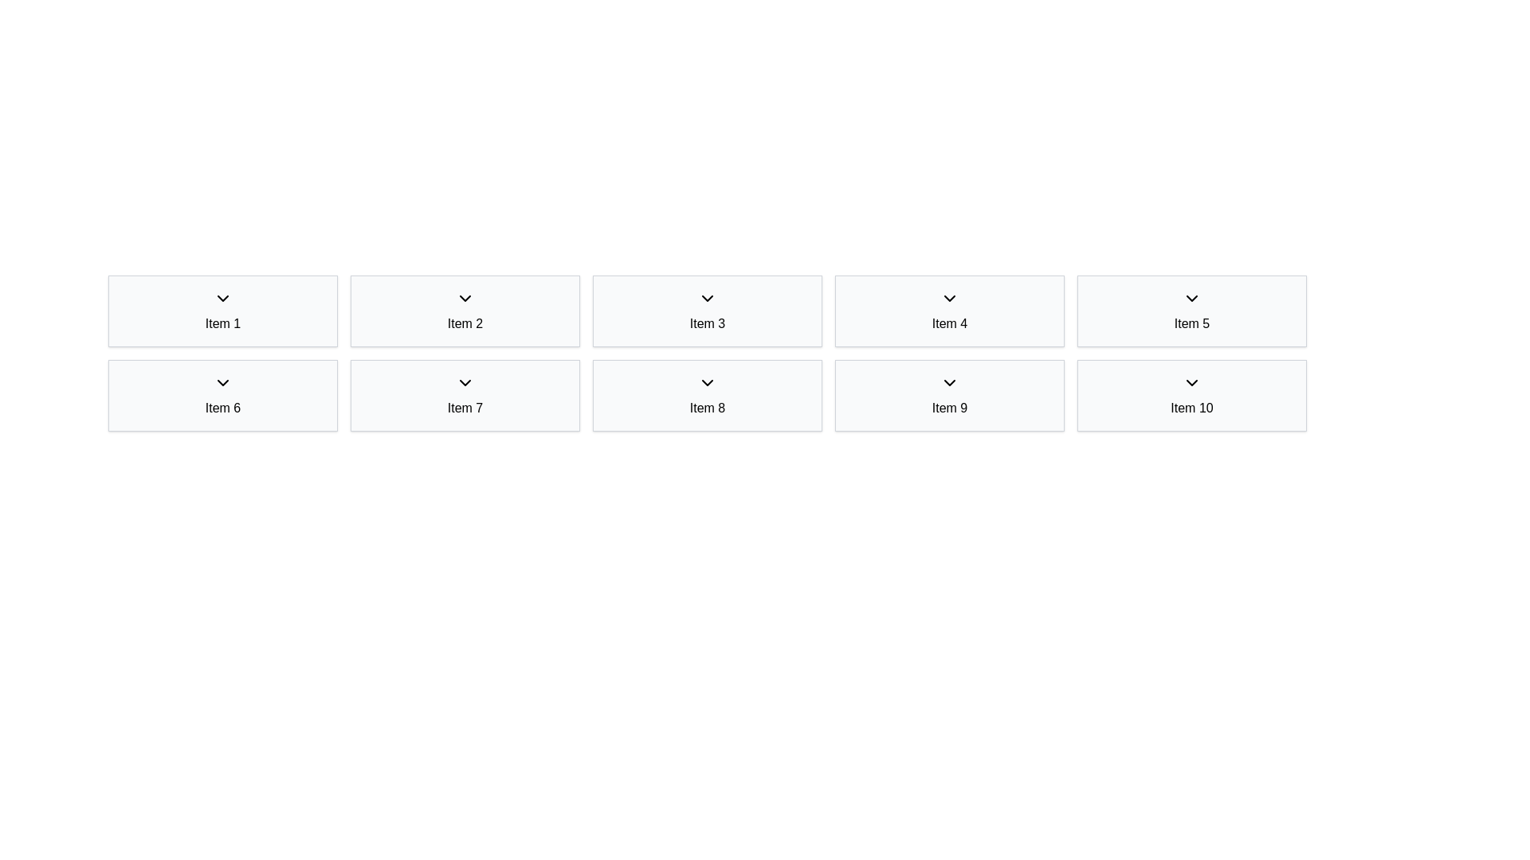 The image size is (1530, 860). What do you see at coordinates (707, 298) in the screenshot?
I see `the small downward-pointing chevron icon located in the upper portion of the 'Item 3' section` at bounding box center [707, 298].